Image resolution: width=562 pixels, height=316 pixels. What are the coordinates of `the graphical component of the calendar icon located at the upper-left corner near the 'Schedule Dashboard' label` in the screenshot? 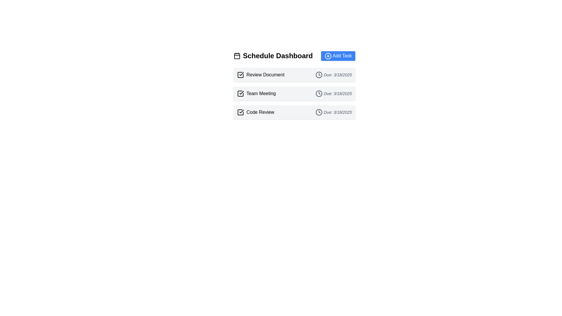 It's located at (237, 56).